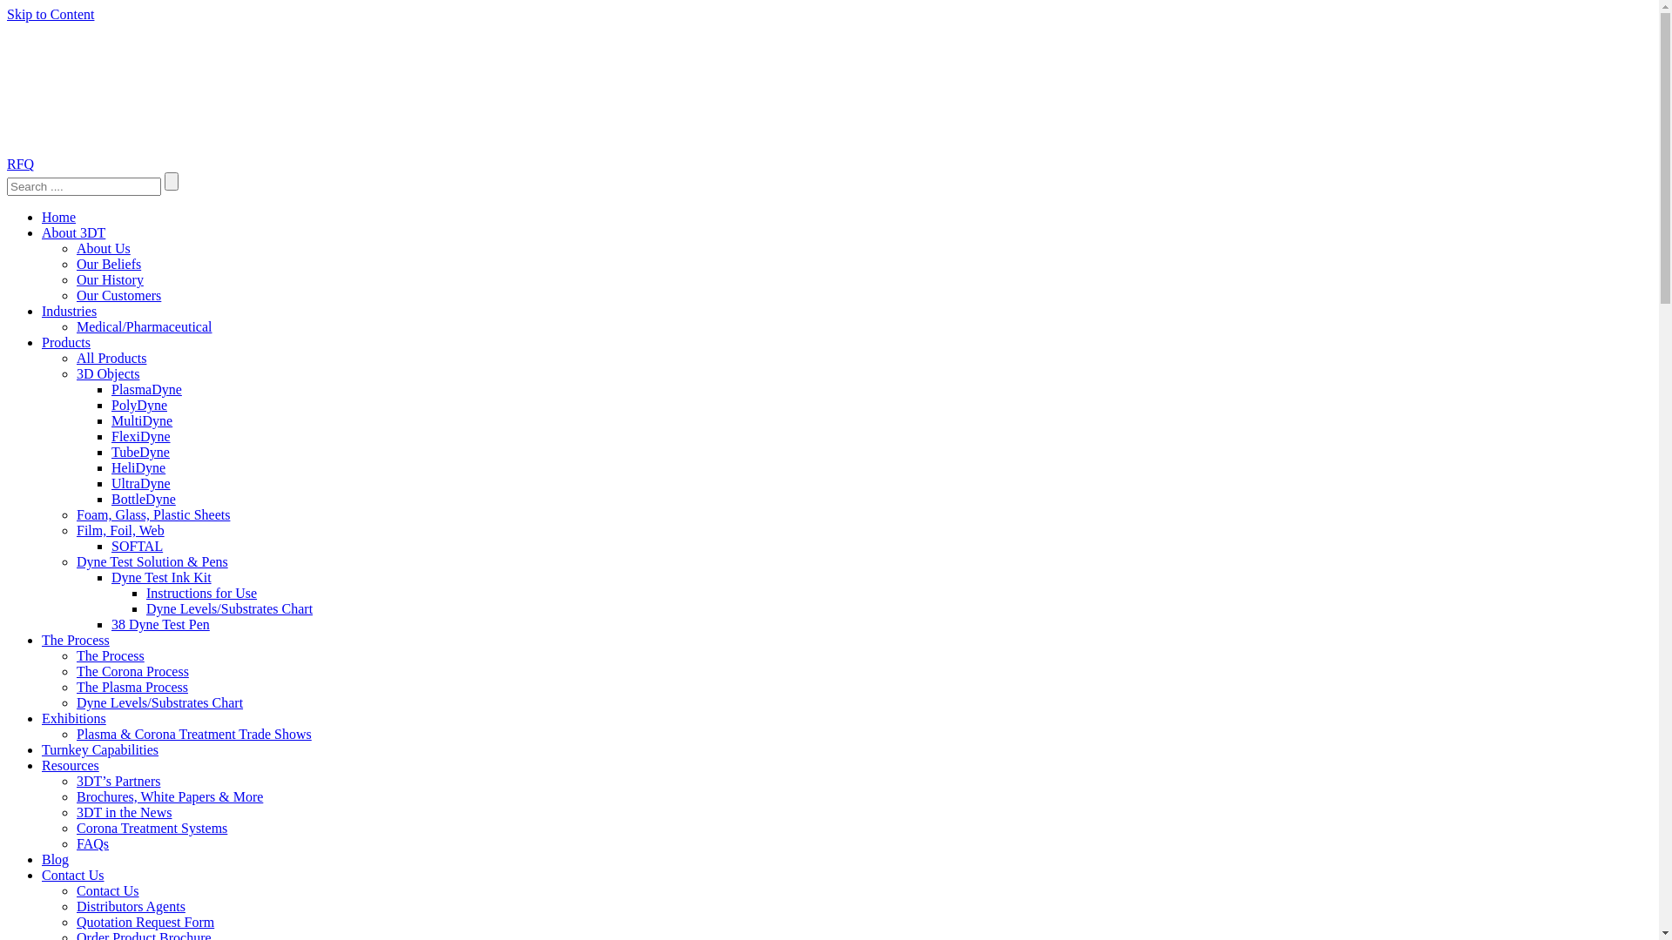  Describe the element at coordinates (137, 87) in the screenshot. I see `'3DT LLC'` at that location.